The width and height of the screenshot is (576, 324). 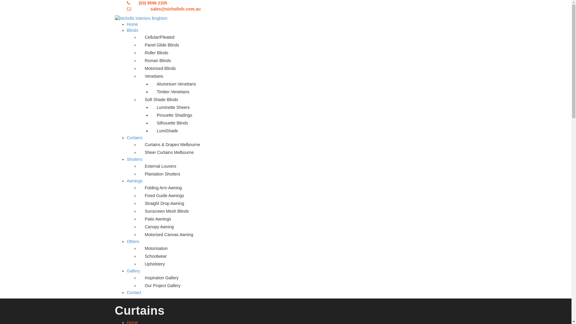 What do you see at coordinates (132, 241) in the screenshot?
I see `'Others'` at bounding box center [132, 241].